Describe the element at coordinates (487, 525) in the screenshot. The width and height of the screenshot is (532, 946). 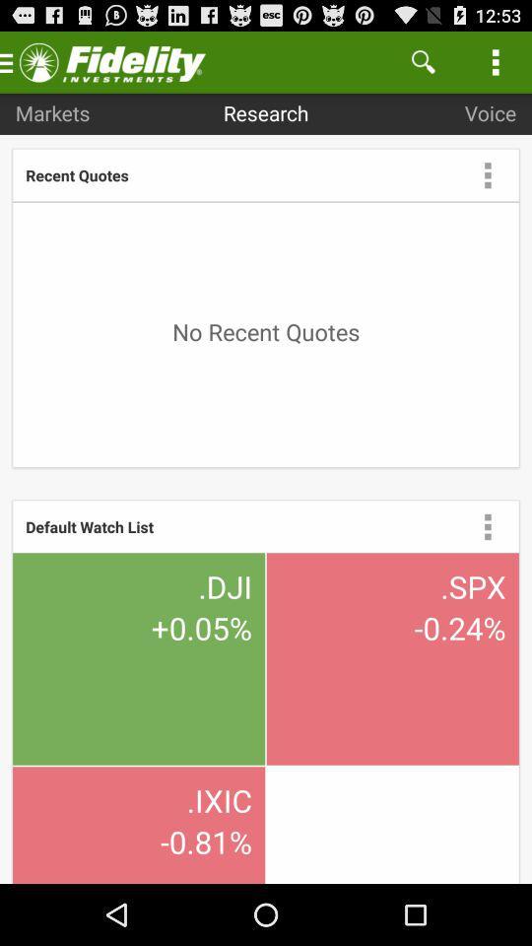
I see `open options menu` at that location.